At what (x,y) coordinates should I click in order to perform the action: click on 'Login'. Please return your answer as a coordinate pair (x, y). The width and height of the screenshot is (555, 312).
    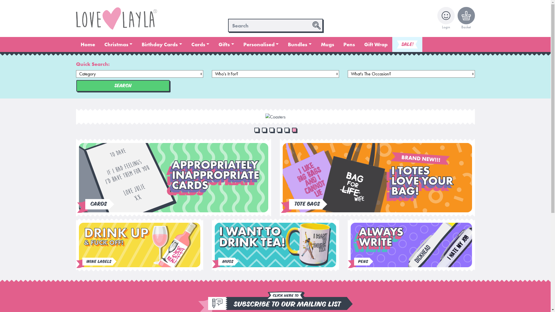
    Looking at the image, I should click on (437, 18).